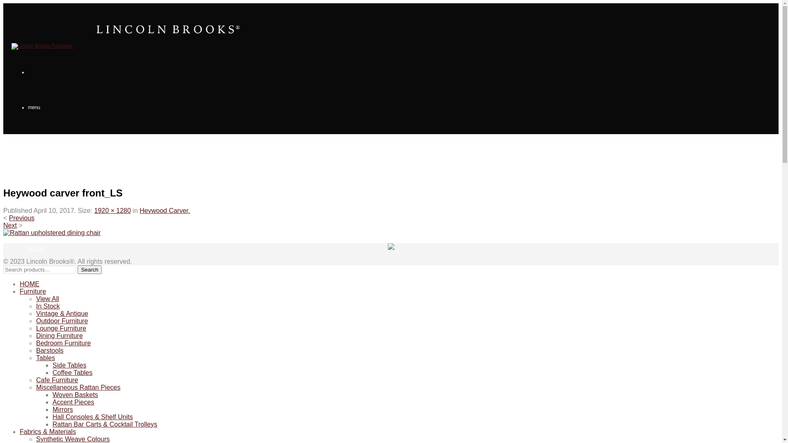 The width and height of the screenshot is (788, 443). What do you see at coordinates (33, 291) in the screenshot?
I see `'Furniture'` at bounding box center [33, 291].